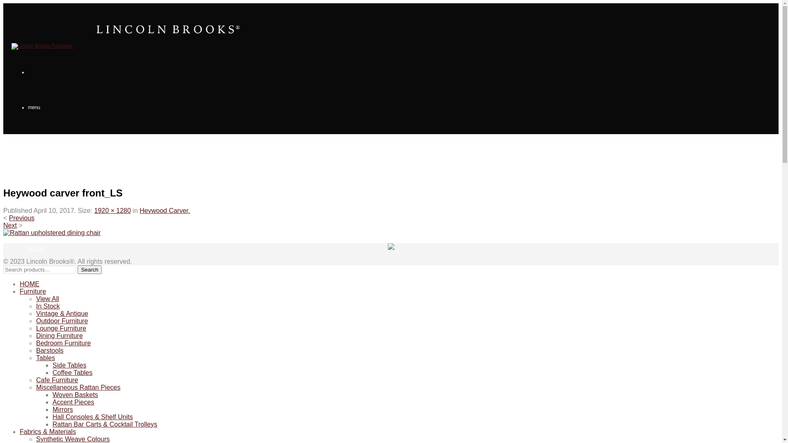 The width and height of the screenshot is (788, 443). What do you see at coordinates (33, 291) in the screenshot?
I see `'Furniture'` at bounding box center [33, 291].